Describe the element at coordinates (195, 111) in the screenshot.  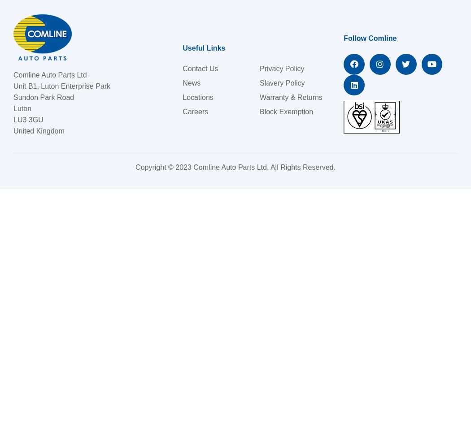
I see `'Careers'` at that location.